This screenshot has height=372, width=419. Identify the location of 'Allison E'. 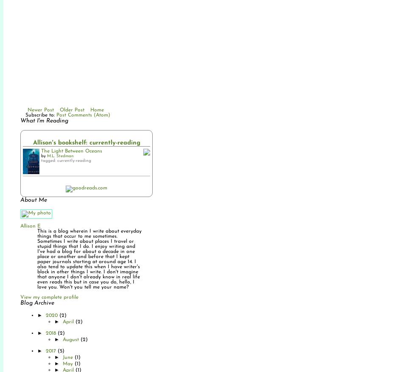
(31, 225).